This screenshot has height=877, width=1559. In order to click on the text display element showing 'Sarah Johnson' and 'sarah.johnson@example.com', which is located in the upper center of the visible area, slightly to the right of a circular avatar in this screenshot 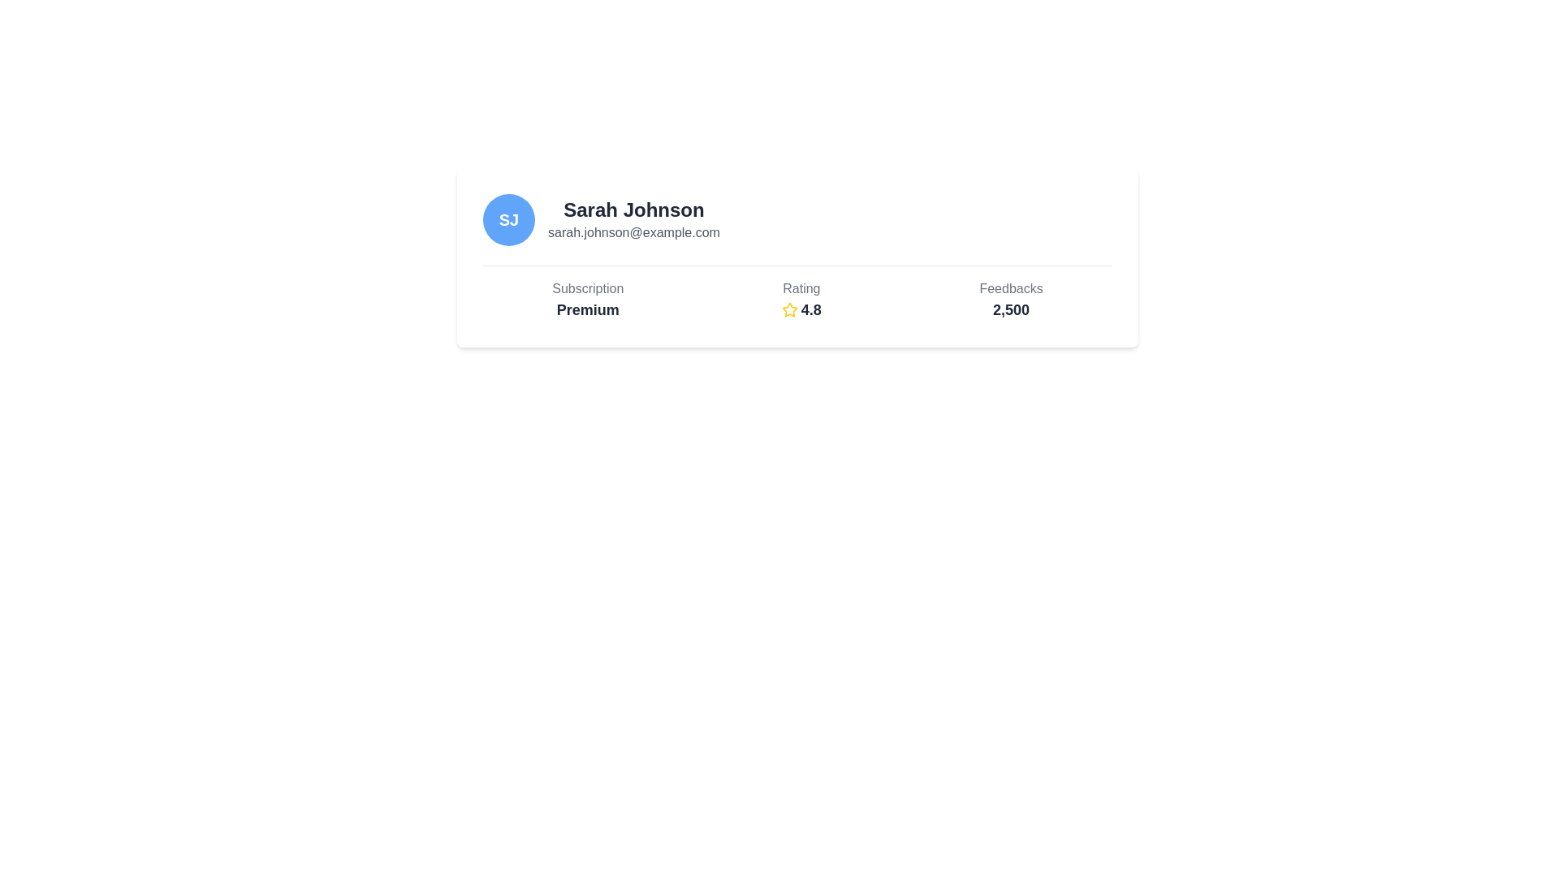, I will do `click(633, 219)`.